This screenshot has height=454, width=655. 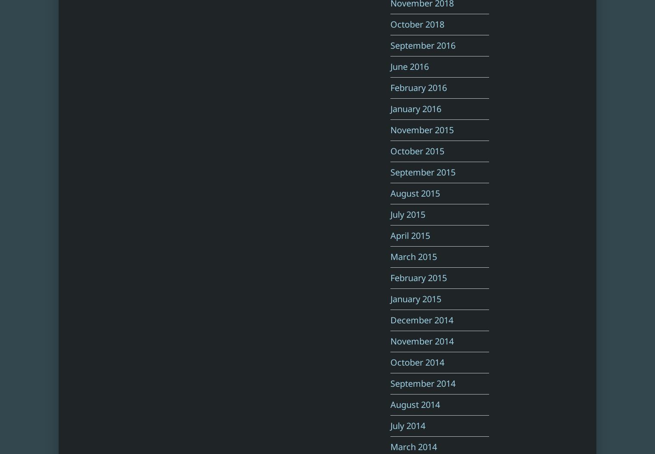 What do you see at coordinates (417, 362) in the screenshot?
I see `'October 2014'` at bounding box center [417, 362].